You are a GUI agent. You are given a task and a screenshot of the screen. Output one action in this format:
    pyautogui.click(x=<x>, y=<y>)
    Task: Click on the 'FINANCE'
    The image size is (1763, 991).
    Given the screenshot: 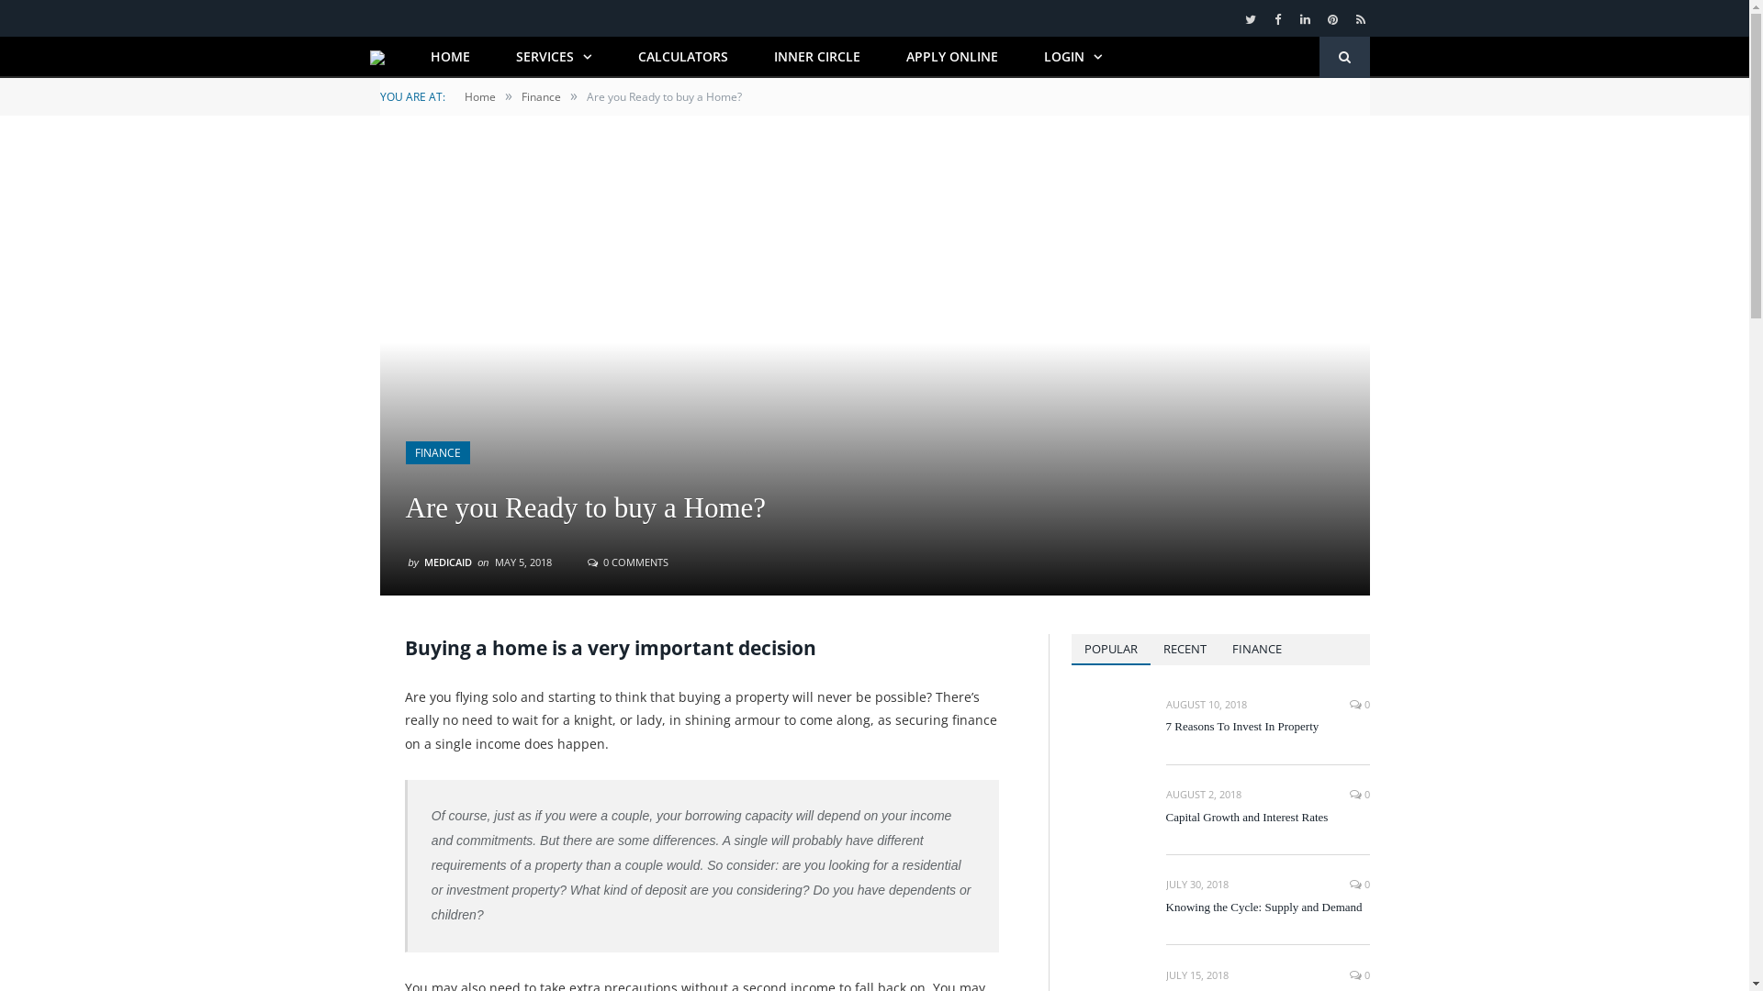 What is the action you would take?
    pyautogui.click(x=436, y=452)
    